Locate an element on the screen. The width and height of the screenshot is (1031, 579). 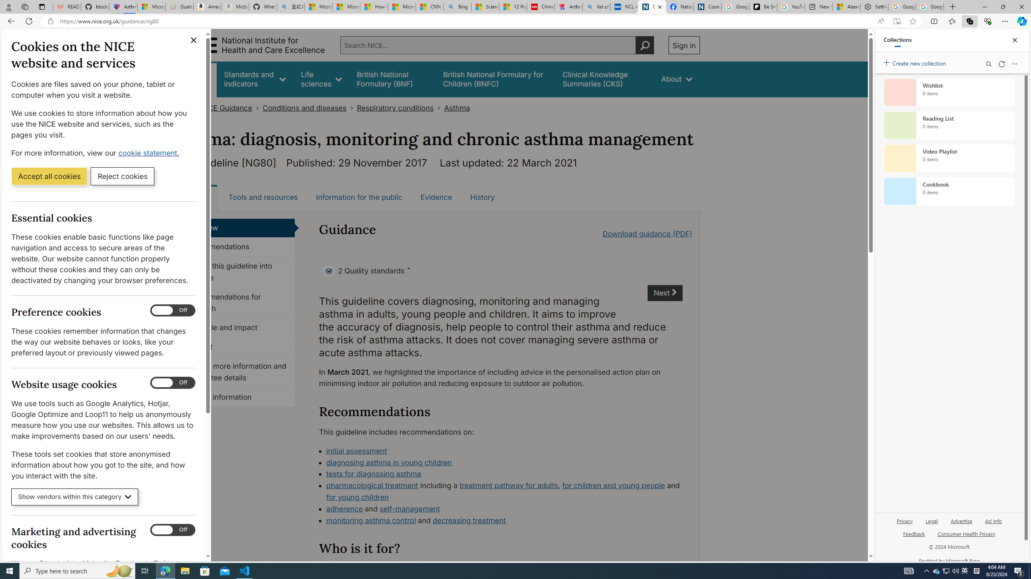
'initial assessment' is located at coordinates (356, 451).